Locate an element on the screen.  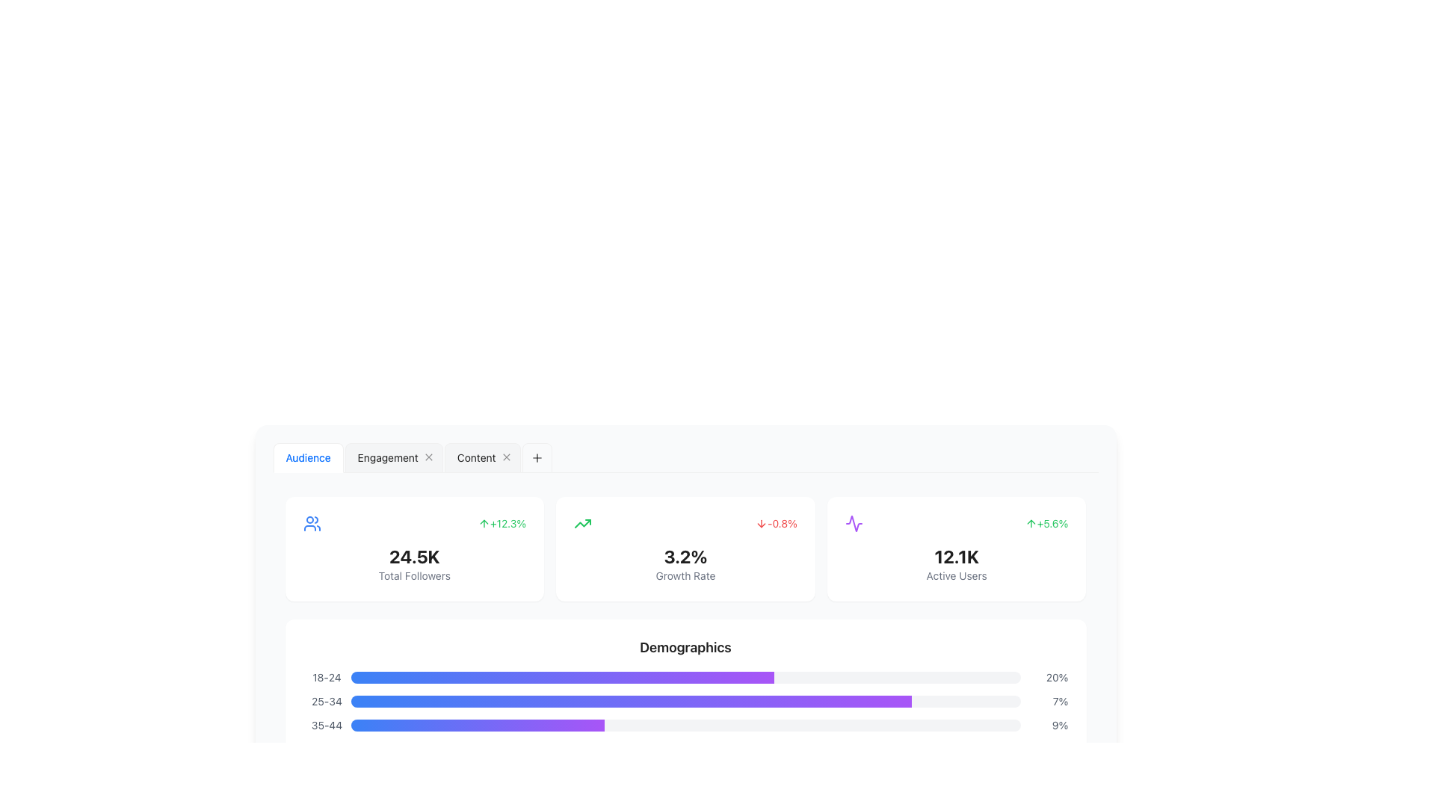
the text label that reads 'Growth Rate', which is displayed in a small, light gray font directly below the bold percentage value '3.2%' in the third card of the layout is located at coordinates (685, 575).